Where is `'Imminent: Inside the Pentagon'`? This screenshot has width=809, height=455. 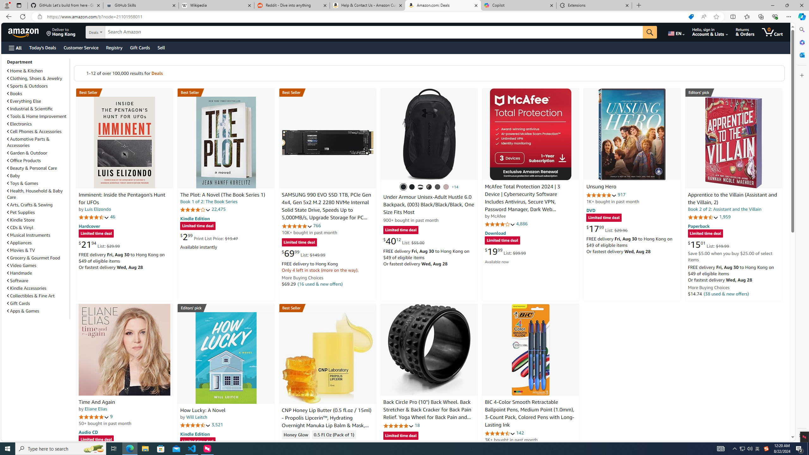 'Imminent: Inside the Pentagon' is located at coordinates (125, 142).